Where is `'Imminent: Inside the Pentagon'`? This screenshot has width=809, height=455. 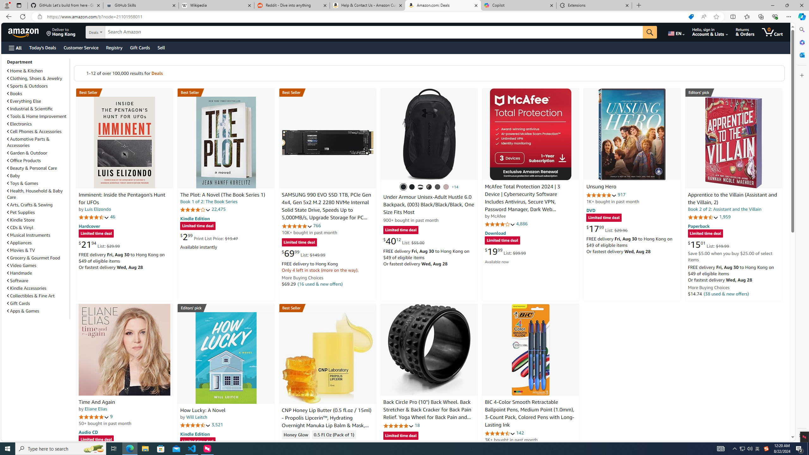 'Imminent: Inside the Pentagon' is located at coordinates (125, 142).